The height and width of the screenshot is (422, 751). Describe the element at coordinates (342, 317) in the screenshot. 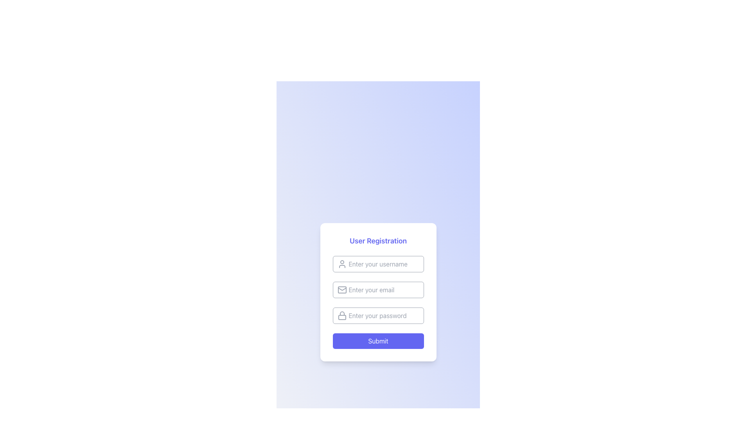

I see `the lower rectangular component of the lock icon, which is styled in a minimalist fashion and located to the left of the 'Enter your password' input field` at that location.